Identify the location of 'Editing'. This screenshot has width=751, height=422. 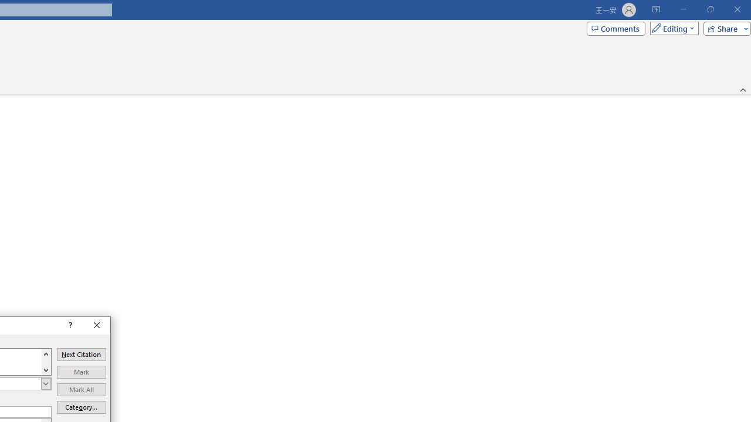
(671, 28).